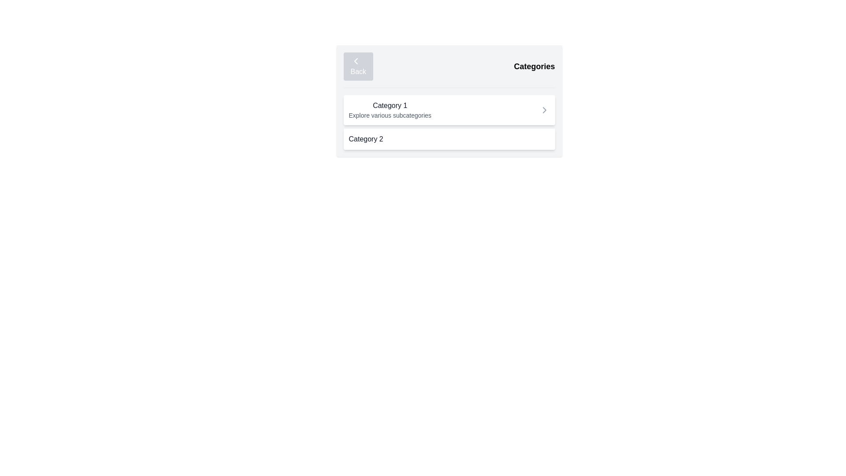 The width and height of the screenshot is (846, 476). Describe the element at coordinates (449, 139) in the screenshot. I see `the 'Category 2' button, which is the second selectable category in a vertical list` at that location.